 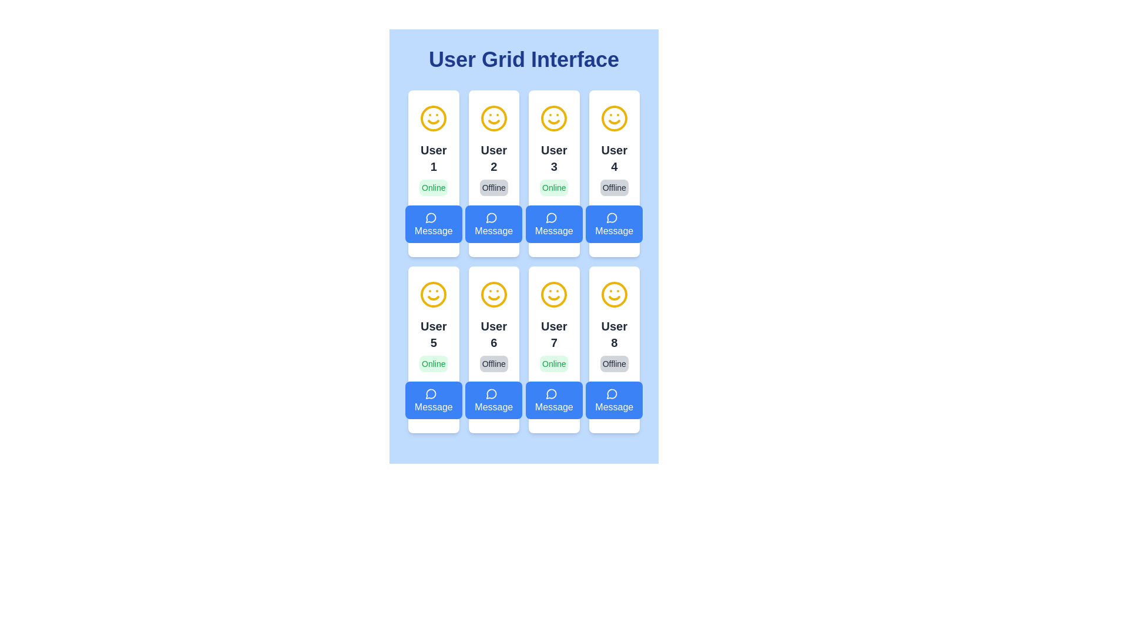 I want to click on the smiley face icon located in the top-right corner of the 'User 4' card, which signifies positivity and is positioned above the 'Offline' and 'Message' labels, so click(x=613, y=118).